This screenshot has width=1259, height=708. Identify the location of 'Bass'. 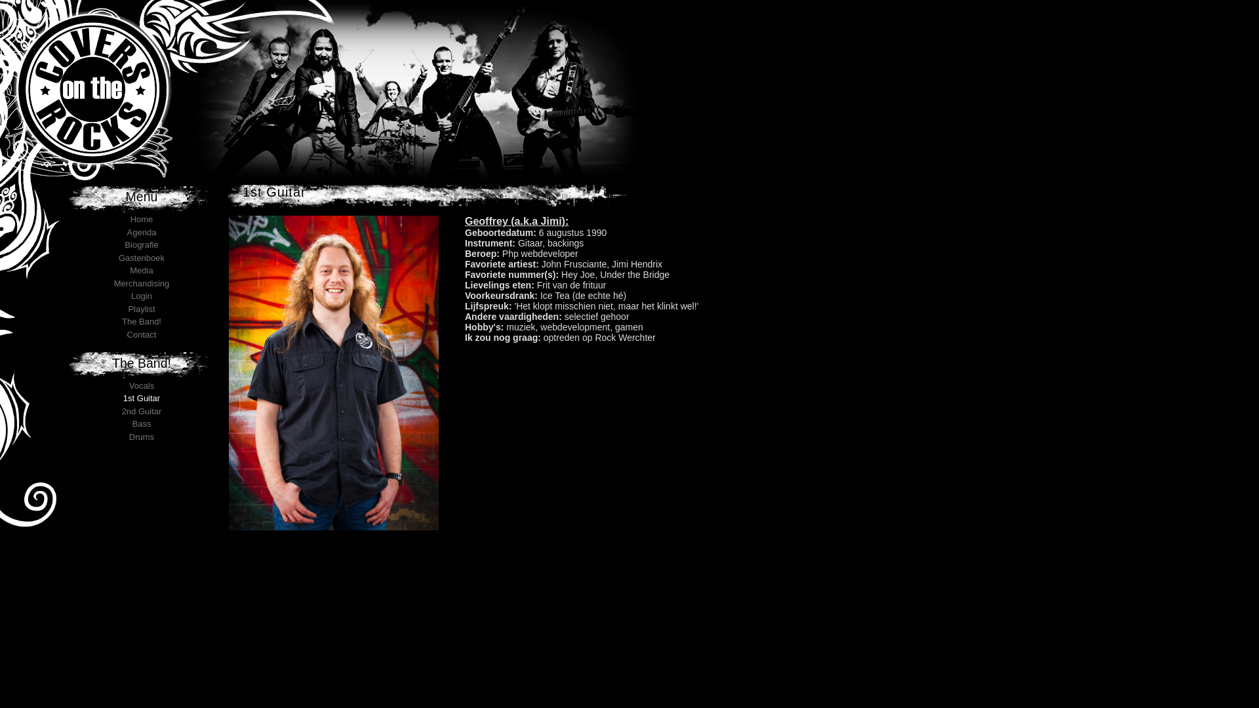
(142, 423).